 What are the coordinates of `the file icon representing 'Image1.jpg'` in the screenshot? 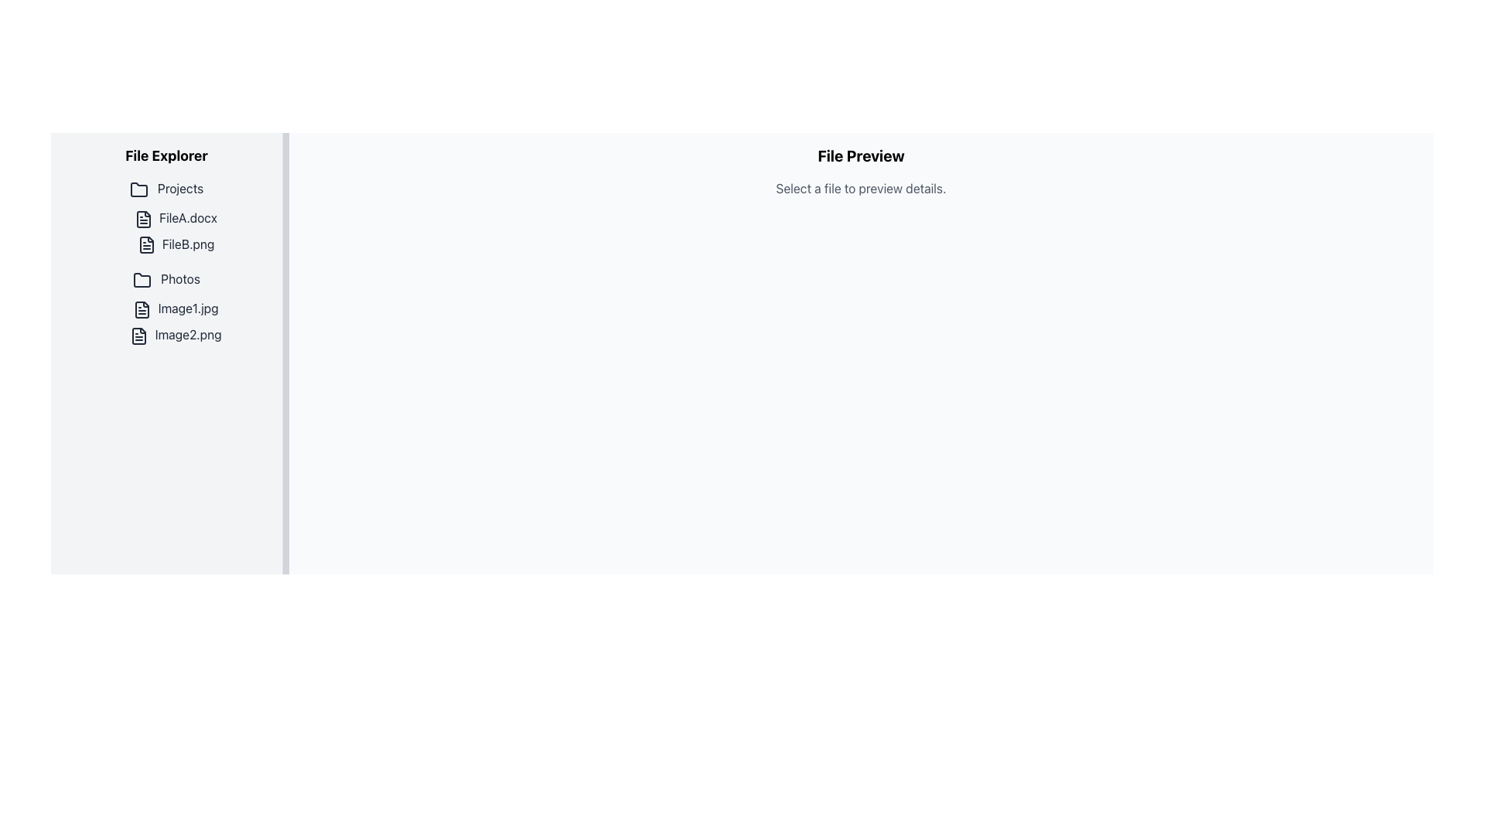 It's located at (142, 309).